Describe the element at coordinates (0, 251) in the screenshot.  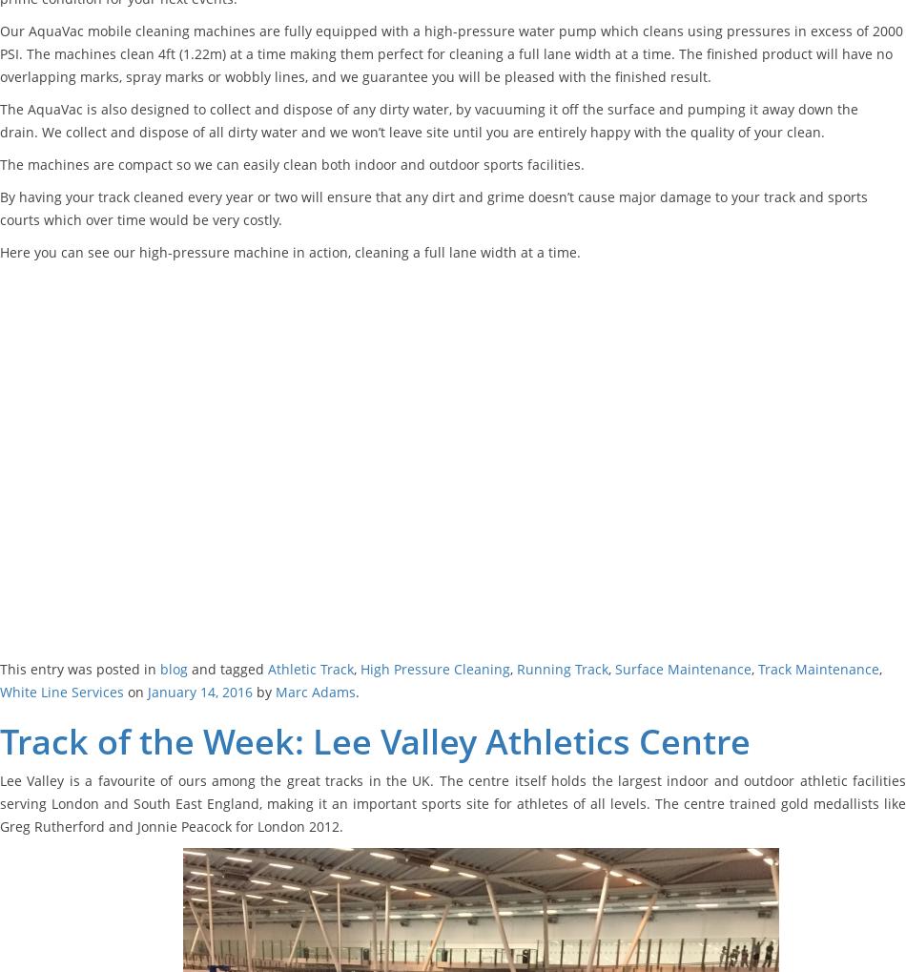
I see `'Here you can see our high-pressure machine in action, cleaning a full lane width at a time.'` at that location.